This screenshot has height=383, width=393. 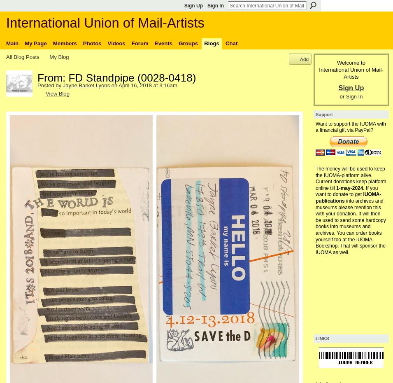 What do you see at coordinates (350, 187) in the screenshot?
I see `'1-may-2024.'` at bounding box center [350, 187].